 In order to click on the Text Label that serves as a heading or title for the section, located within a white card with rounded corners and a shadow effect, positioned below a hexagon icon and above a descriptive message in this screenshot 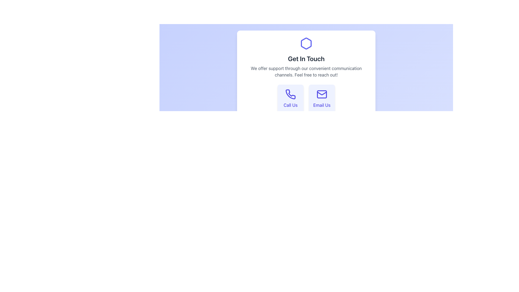, I will do `click(306, 58)`.